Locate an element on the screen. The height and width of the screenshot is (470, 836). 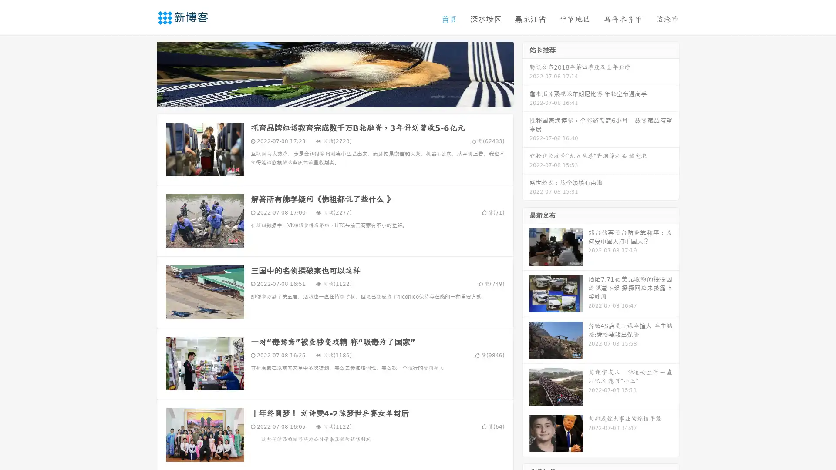
Previous slide is located at coordinates (144, 73).